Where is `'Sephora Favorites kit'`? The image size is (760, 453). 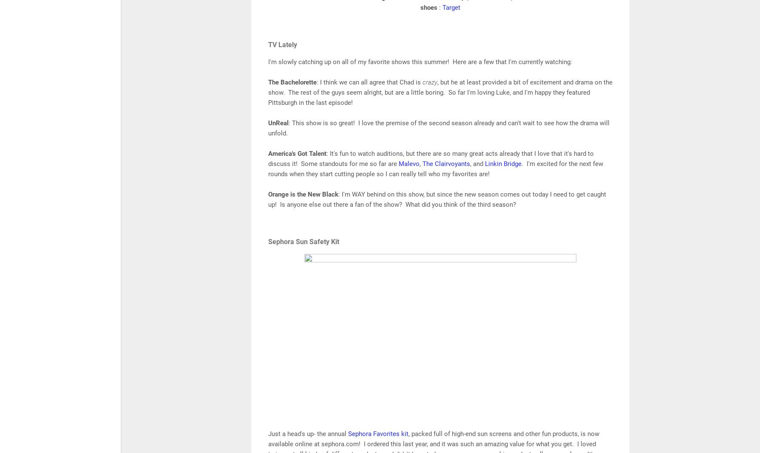 'Sephora Favorites kit' is located at coordinates (348, 433).